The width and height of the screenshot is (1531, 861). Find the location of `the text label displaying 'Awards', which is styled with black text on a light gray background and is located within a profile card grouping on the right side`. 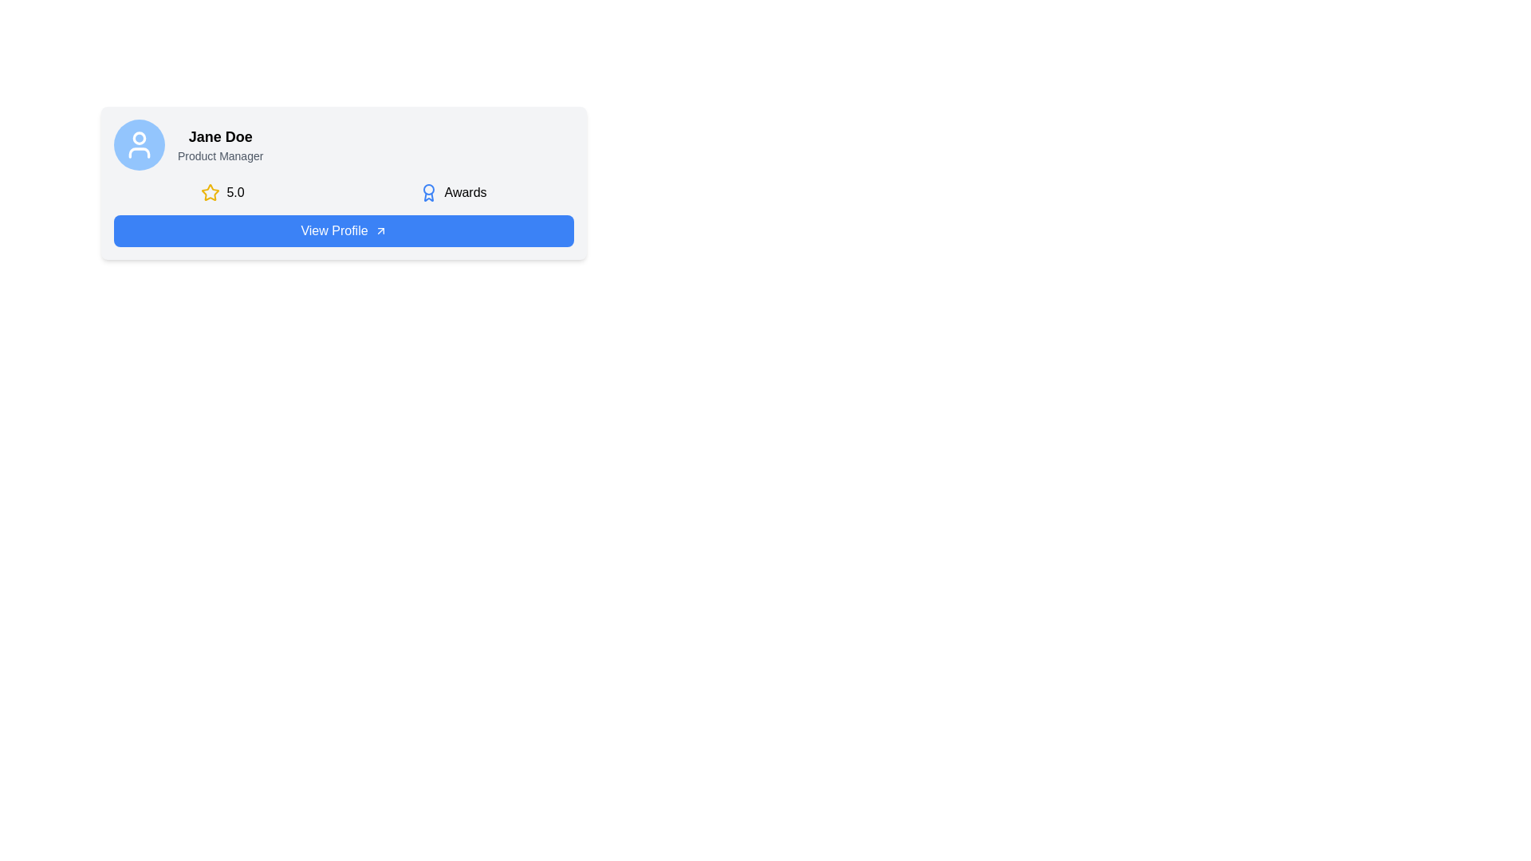

the text label displaying 'Awards', which is styled with black text on a light gray background and is located within a profile card grouping on the right side is located at coordinates (465, 192).